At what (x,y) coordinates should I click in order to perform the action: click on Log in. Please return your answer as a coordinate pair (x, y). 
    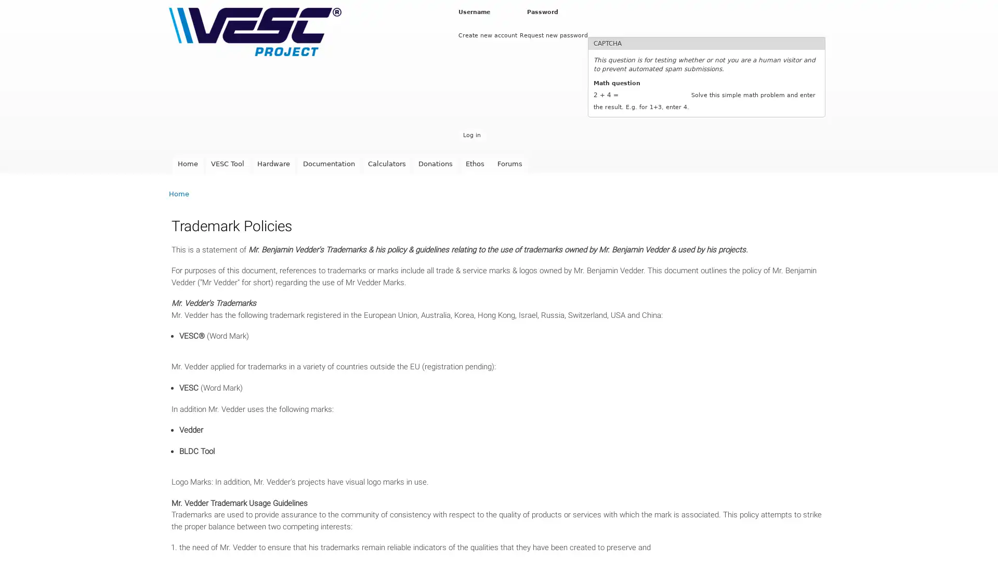
    Looking at the image, I should click on (471, 135).